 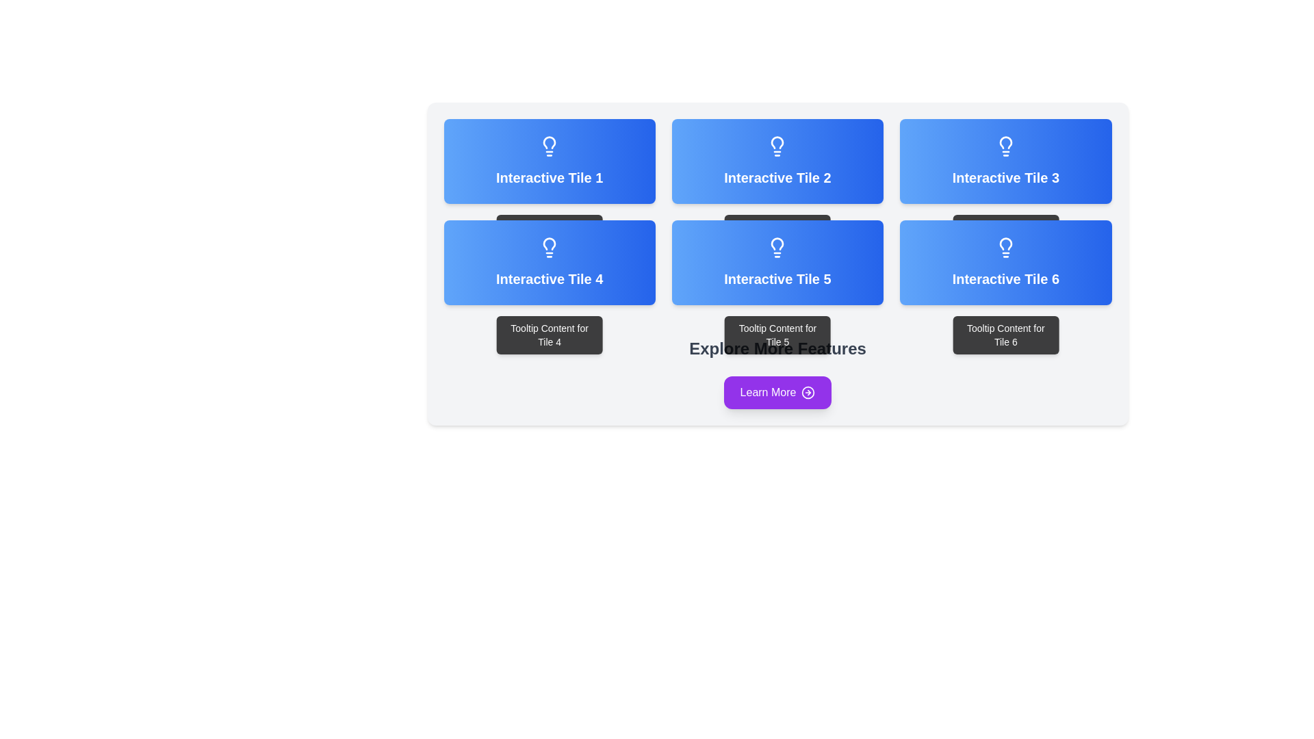 I want to click on the tooltip that appears beneath Tile 5, which displays 'Tooltip Content for Tile 5', so click(x=777, y=335).